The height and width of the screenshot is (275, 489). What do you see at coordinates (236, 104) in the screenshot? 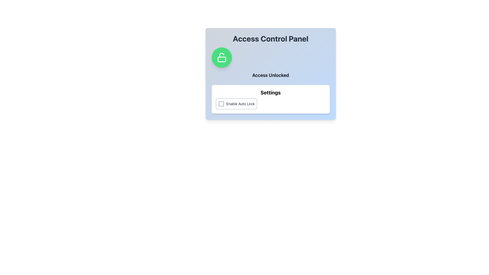
I see `the checkbox labeled 'Enable Auto Lock' located in the 'Settings' section of the 'Access Control Panel'` at bounding box center [236, 104].